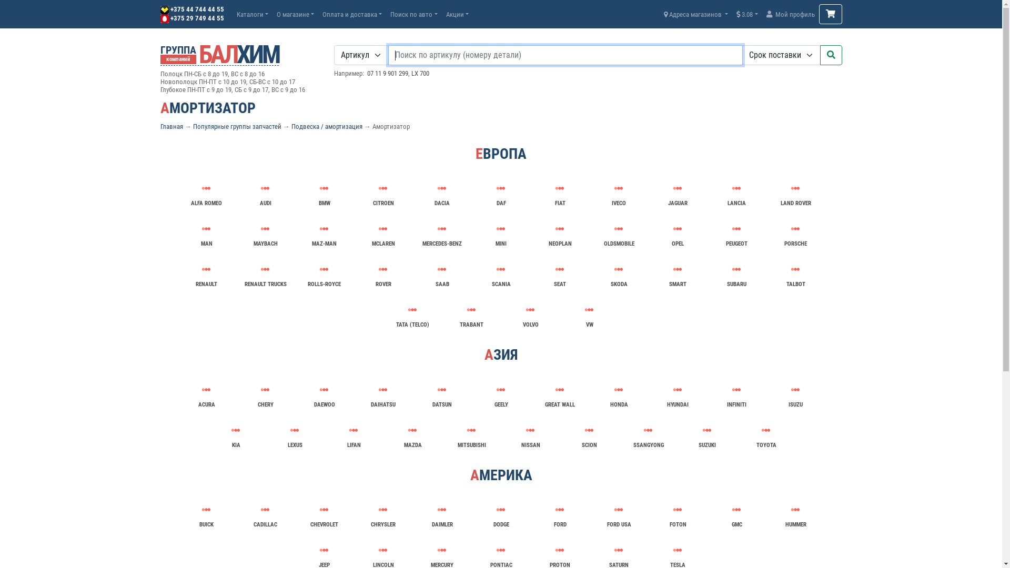 This screenshot has height=568, width=1010. What do you see at coordinates (677, 269) in the screenshot?
I see `'SMART'` at bounding box center [677, 269].